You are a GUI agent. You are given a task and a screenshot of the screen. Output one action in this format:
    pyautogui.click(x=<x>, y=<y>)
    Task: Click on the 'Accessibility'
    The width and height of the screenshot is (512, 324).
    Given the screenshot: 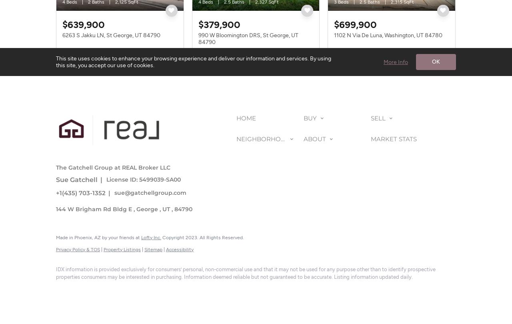 What is the action you would take?
    pyautogui.click(x=179, y=248)
    